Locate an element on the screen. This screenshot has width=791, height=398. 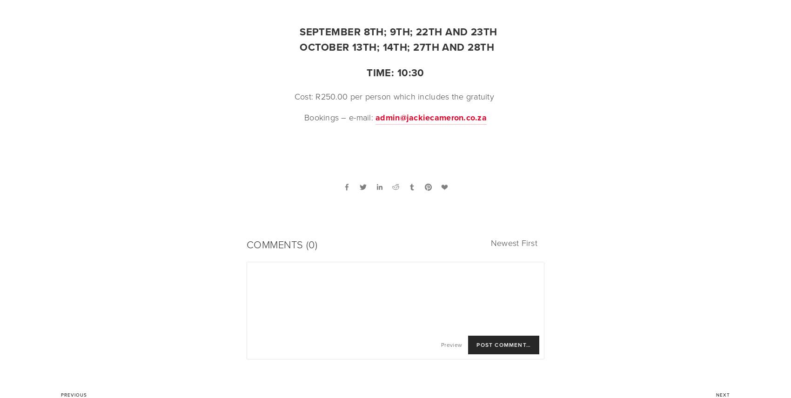
'Cost: R250.00 per person which includes the gratuity' is located at coordinates (395, 96).